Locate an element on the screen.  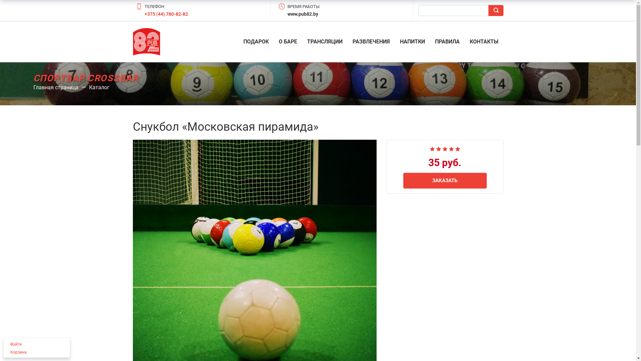
'5' is located at coordinates (457, 148).